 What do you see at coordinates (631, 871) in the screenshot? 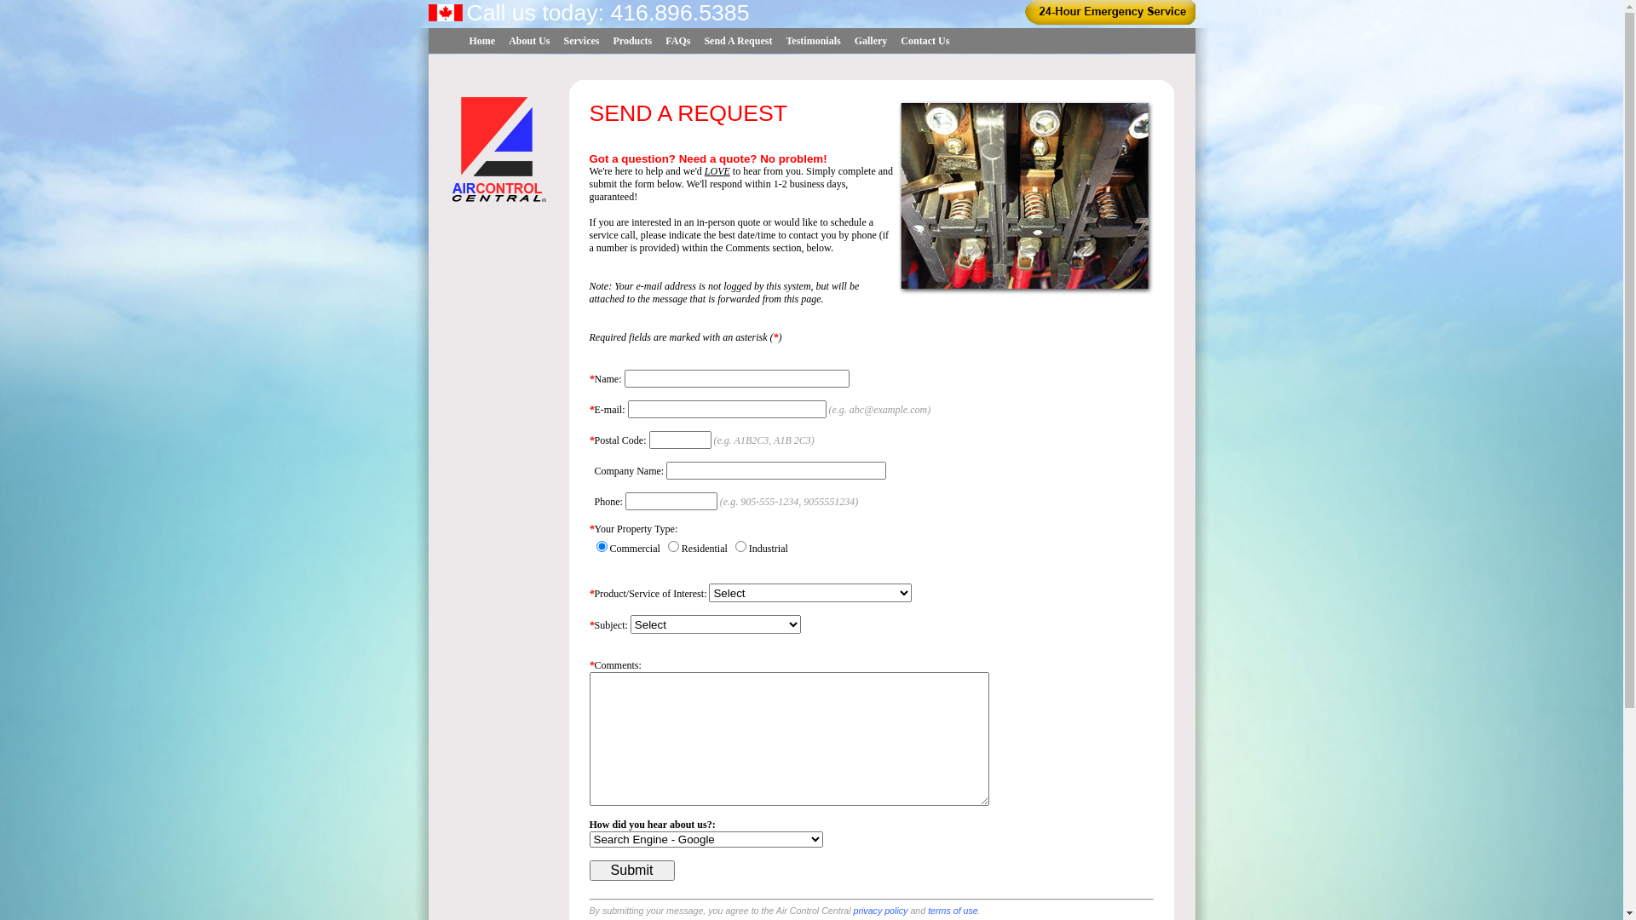
I see `'Submit'` at bounding box center [631, 871].